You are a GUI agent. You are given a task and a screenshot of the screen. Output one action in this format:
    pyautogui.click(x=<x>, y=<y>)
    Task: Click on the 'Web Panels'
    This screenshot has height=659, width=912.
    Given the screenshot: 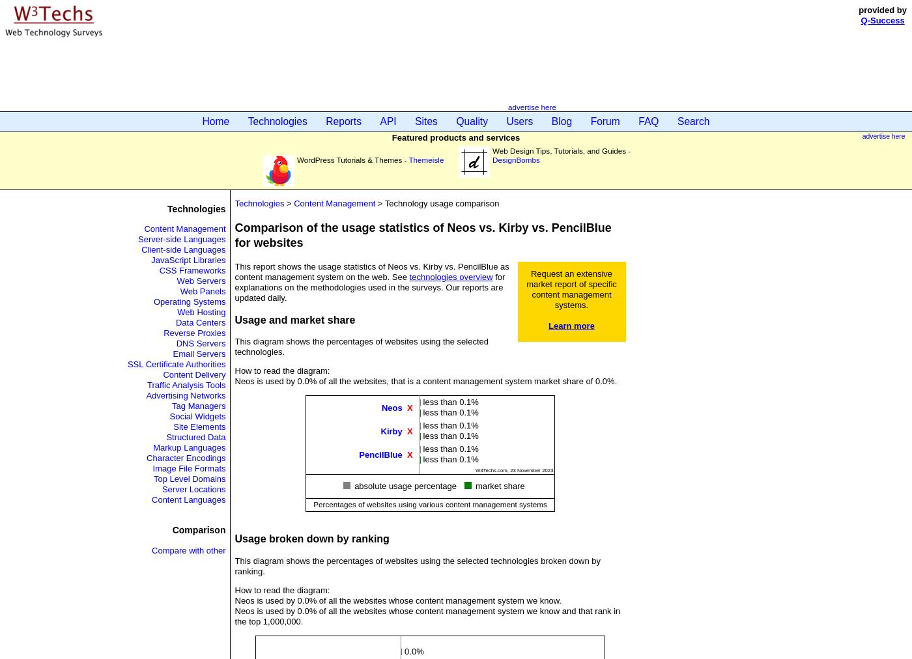 What is the action you would take?
    pyautogui.click(x=202, y=291)
    